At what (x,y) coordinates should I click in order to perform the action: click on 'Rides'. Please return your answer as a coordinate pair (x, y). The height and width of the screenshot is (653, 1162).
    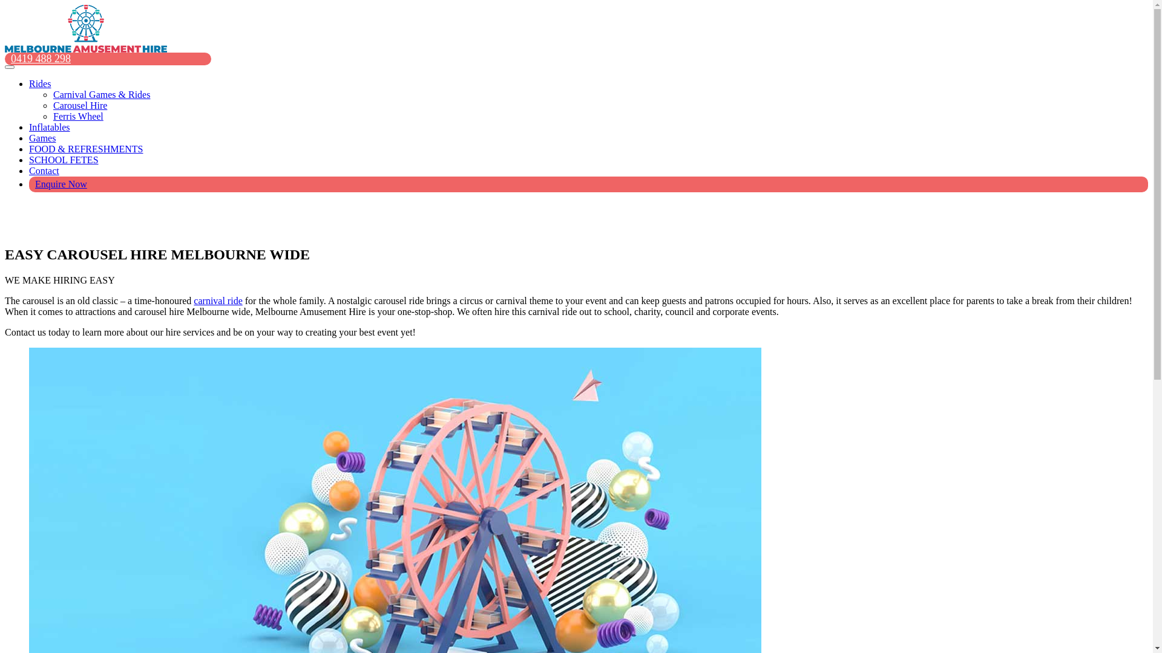
    Looking at the image, I should click on (40, 83).